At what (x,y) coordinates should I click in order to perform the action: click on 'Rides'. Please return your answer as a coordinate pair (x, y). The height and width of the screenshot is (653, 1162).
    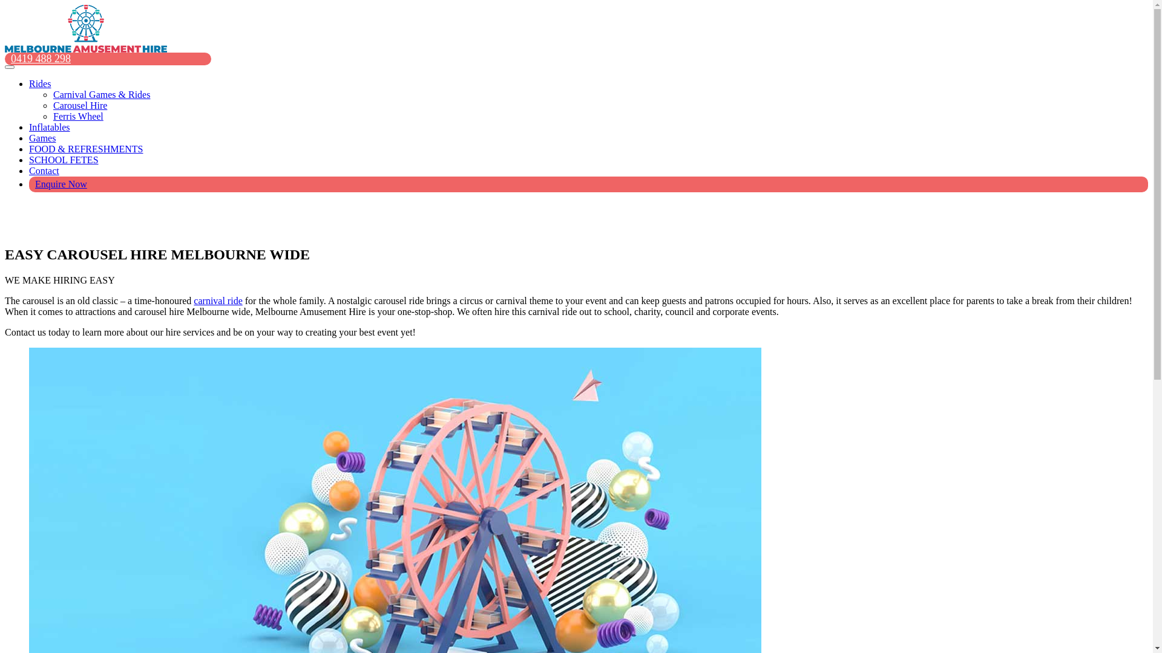
    Looking at the image, I should click on (40, 83).